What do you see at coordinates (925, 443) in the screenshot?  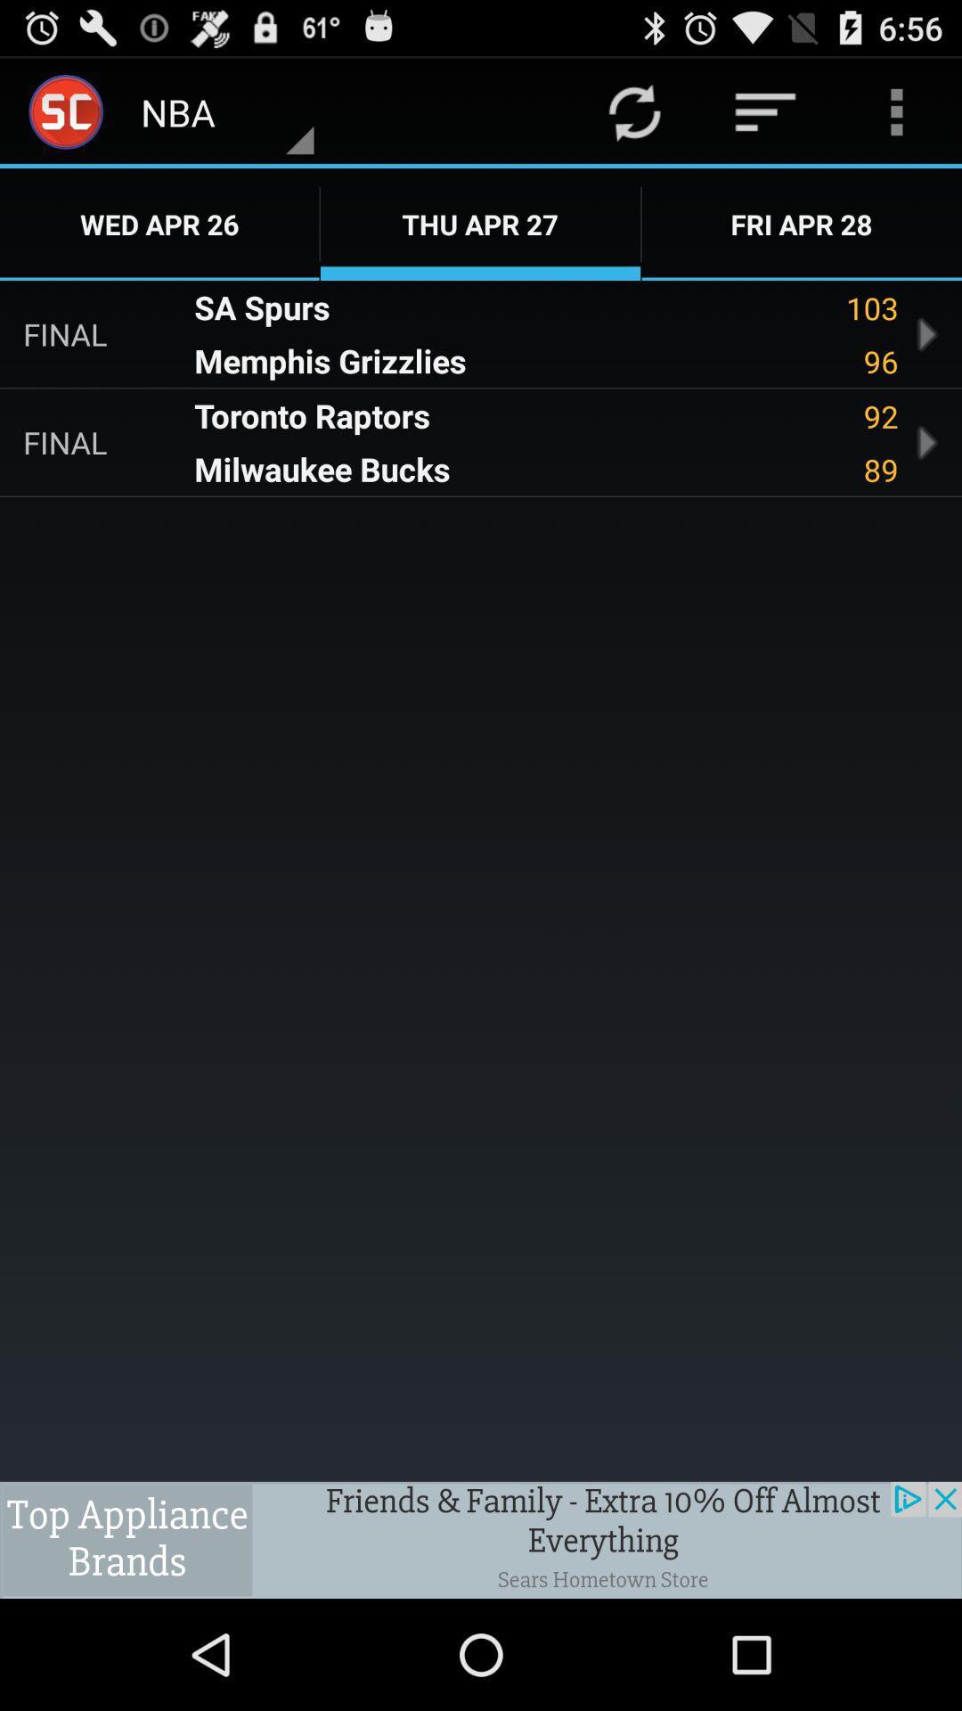 I see `the right scroll bar in the bottom` at bounding box center [925, 443].